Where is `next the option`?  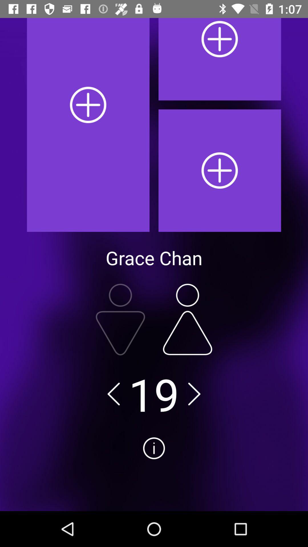 next the option is located at coordinates (194, 393).